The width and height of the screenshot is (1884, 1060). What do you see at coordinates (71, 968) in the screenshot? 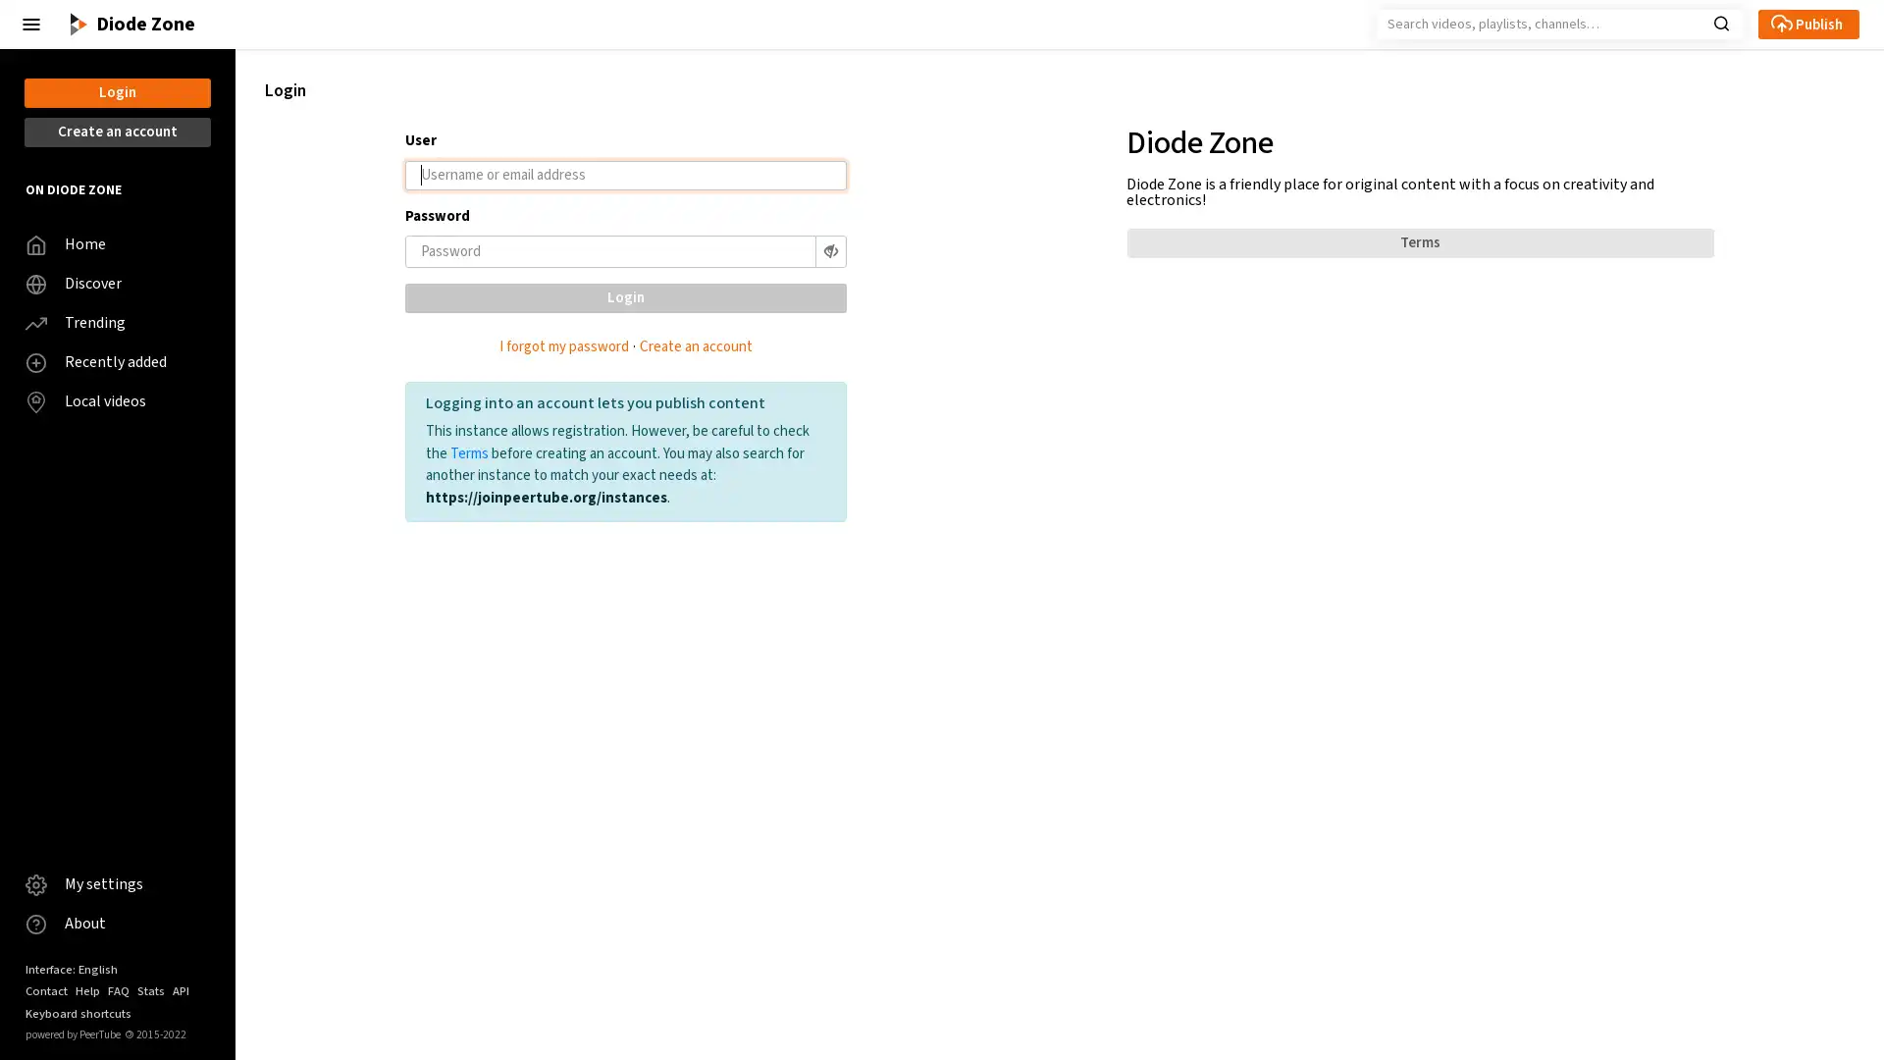
I see `Interface: English` at bounding box center [71, 968].